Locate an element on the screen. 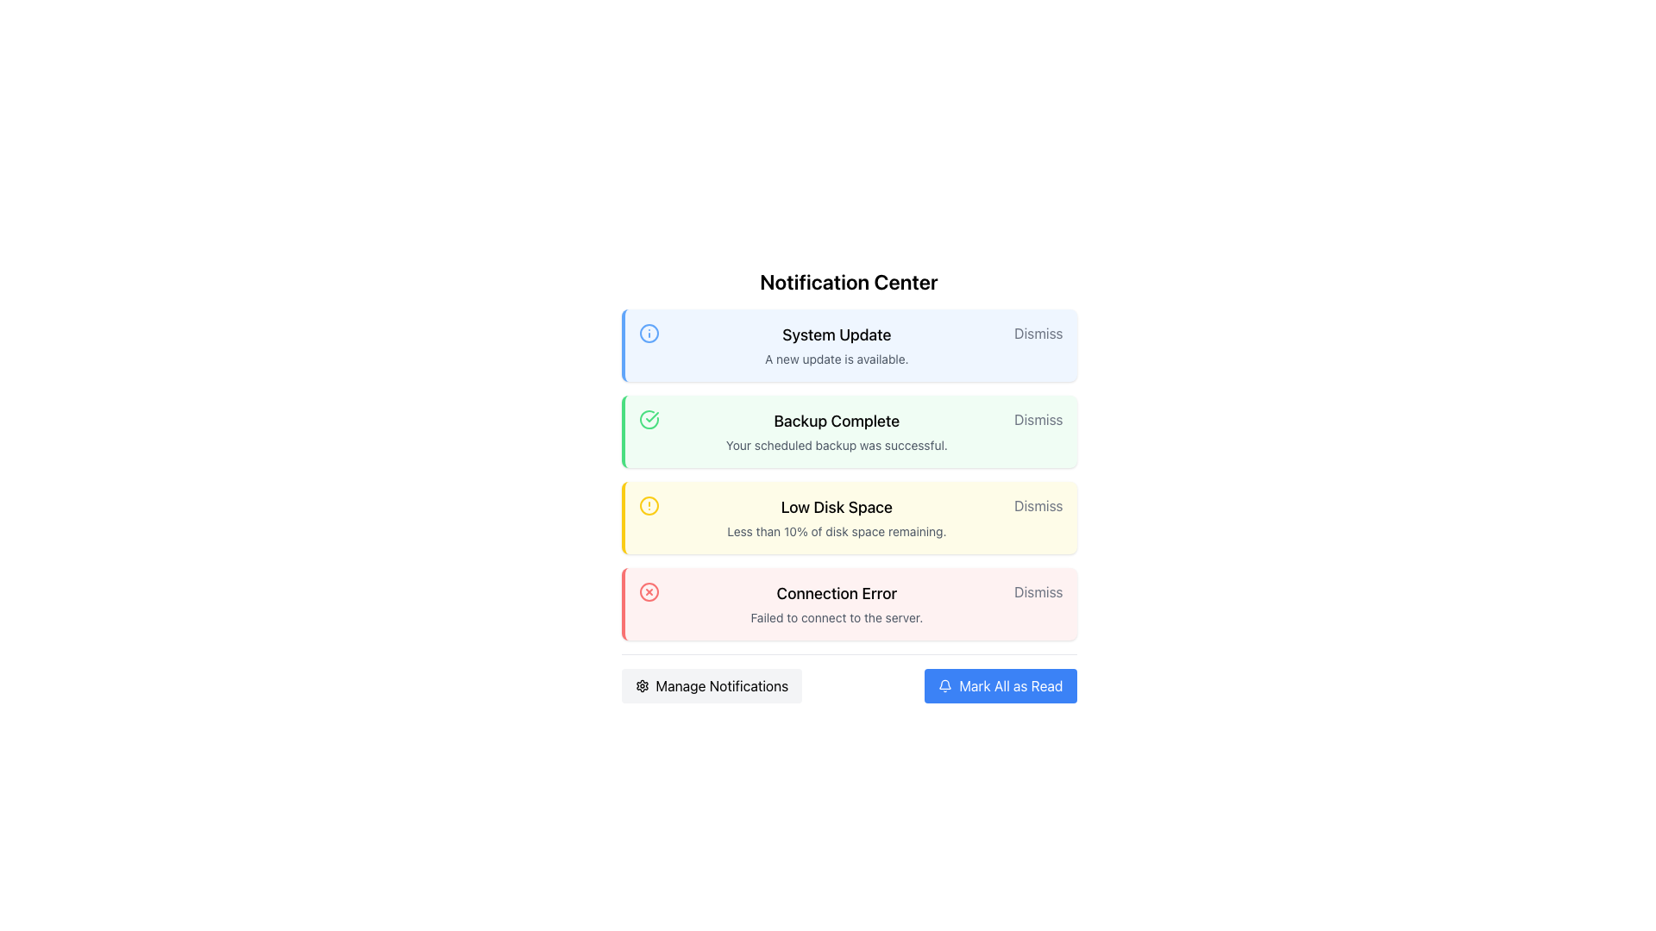 The height and width of the screenshot is (931, 1656). the SVG circle shape that indicates the status of the 'System Update' notification, located within the left icon area of the notification entry is located at coordinates (648, 333).